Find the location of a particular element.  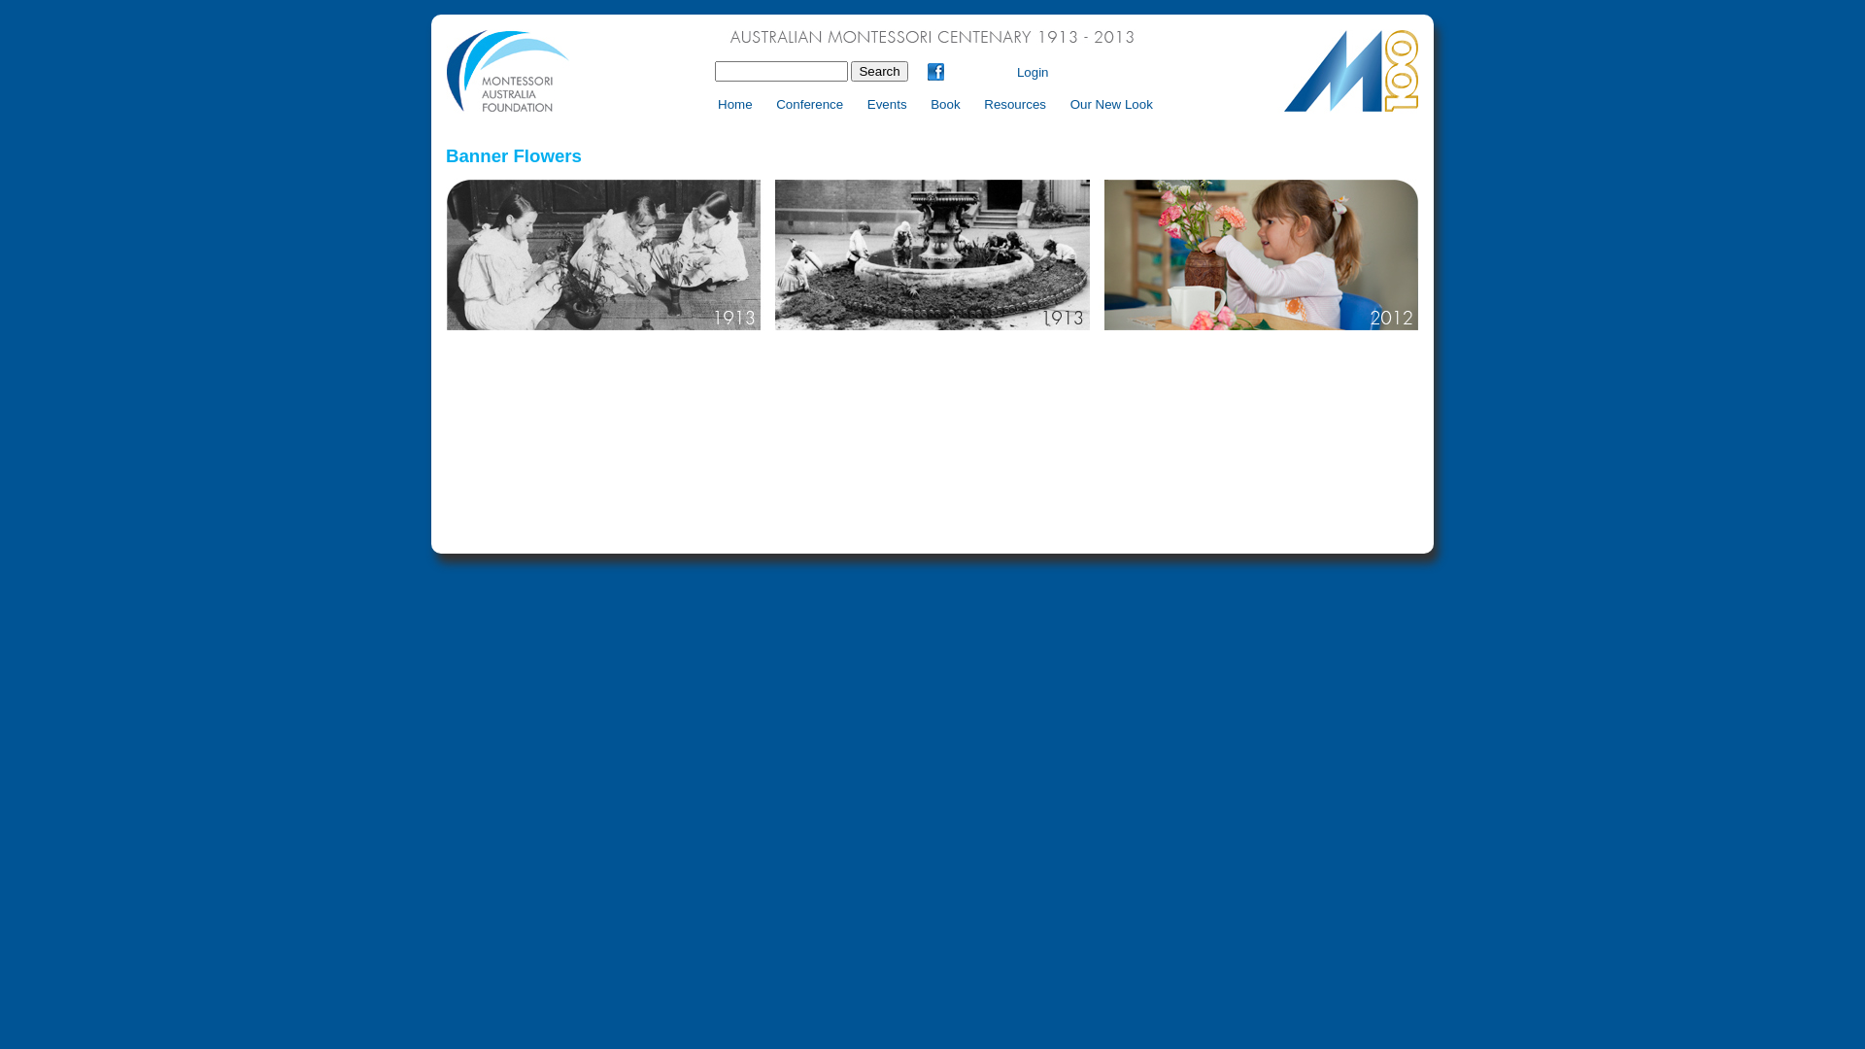

'Book' is located at coordinates (944, 104).